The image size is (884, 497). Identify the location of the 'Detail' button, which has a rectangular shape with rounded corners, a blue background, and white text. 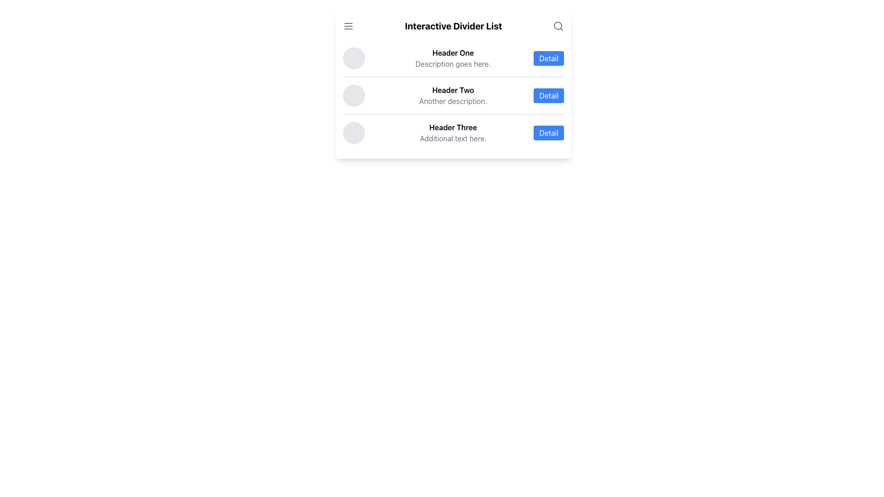
(549, 58).